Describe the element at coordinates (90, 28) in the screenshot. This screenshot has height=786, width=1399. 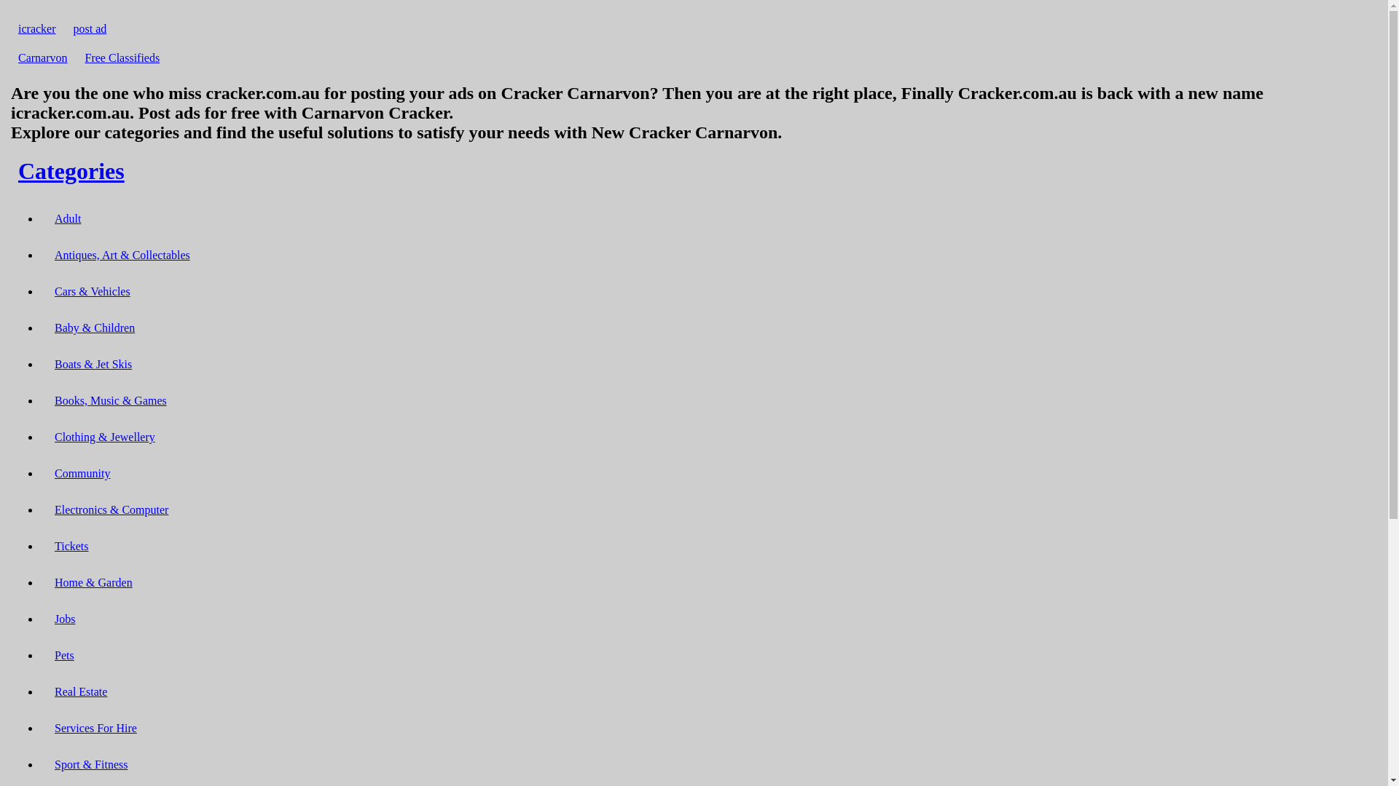
I see `'post ad'` at that location.